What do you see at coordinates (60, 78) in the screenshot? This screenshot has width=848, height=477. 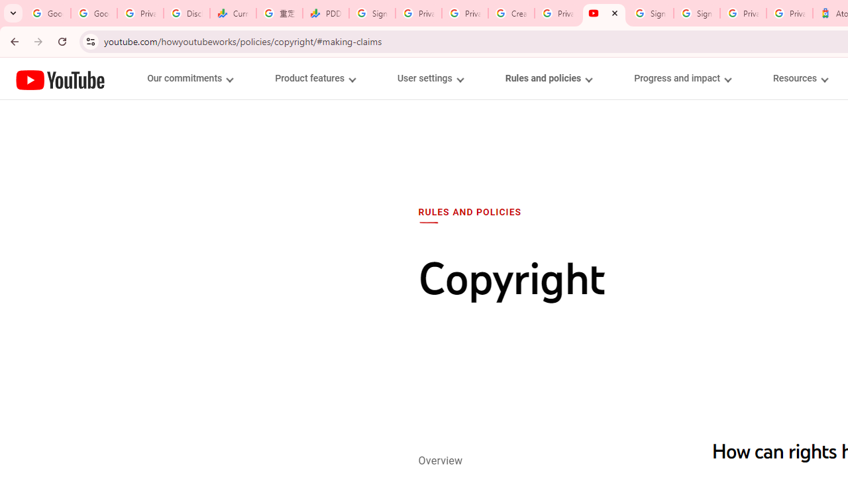 I see `'How YouTube Works'` at bounding box center [60, 78].